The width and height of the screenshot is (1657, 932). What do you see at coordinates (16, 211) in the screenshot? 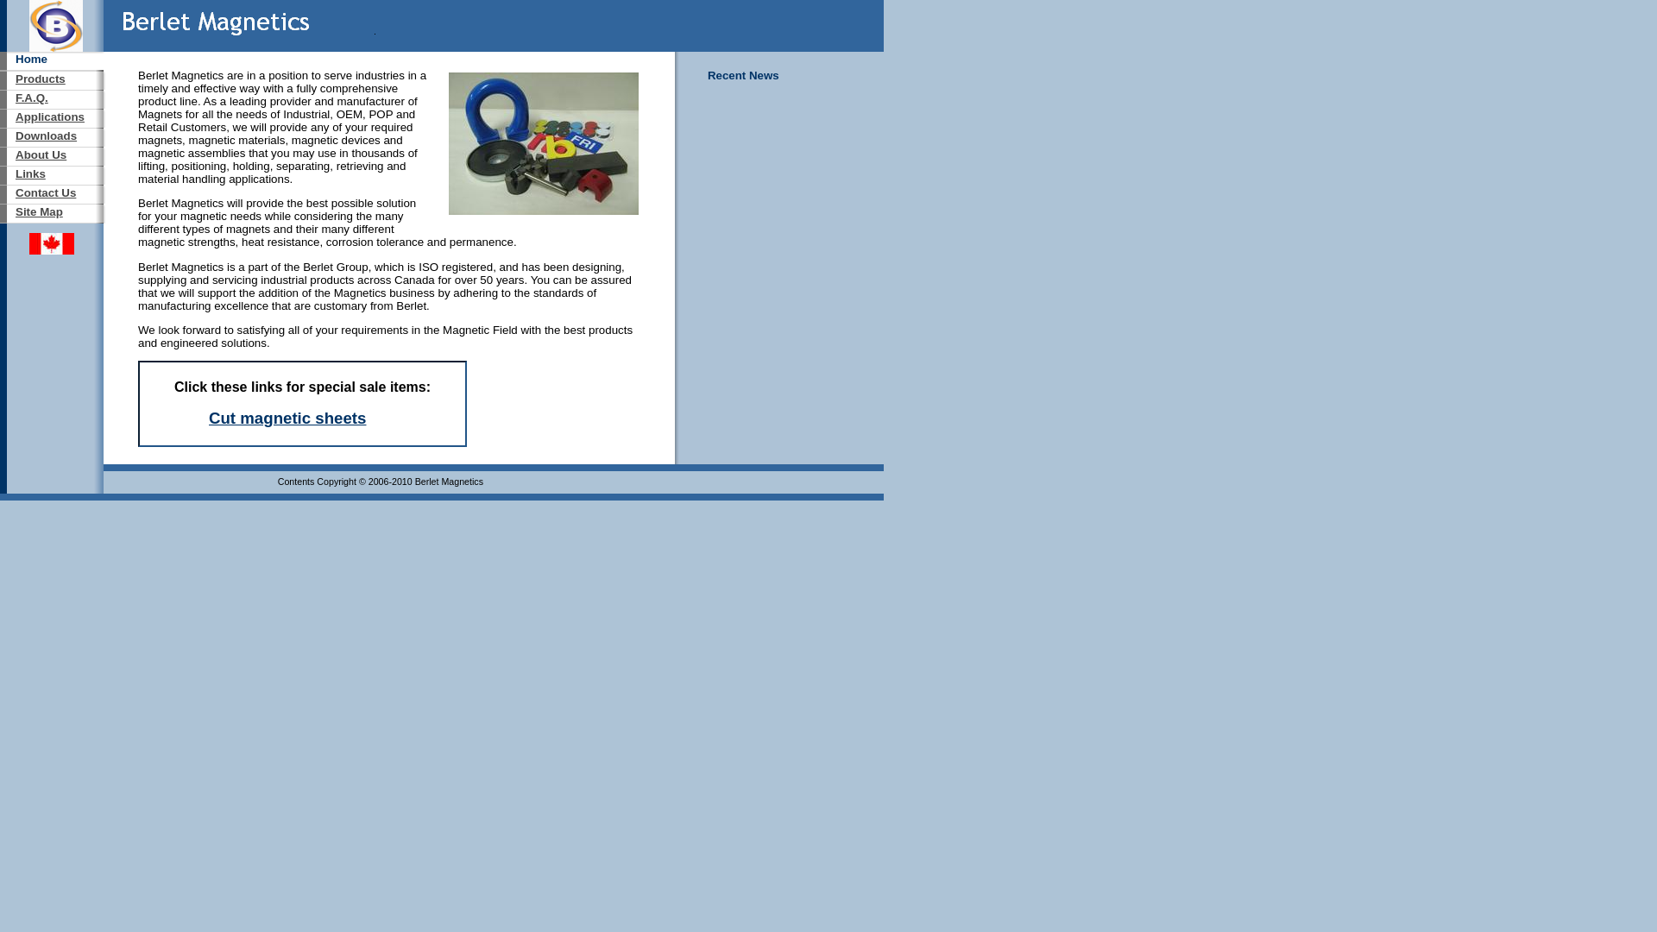
I see `'Site Map'` at bounding box center [16, 211].